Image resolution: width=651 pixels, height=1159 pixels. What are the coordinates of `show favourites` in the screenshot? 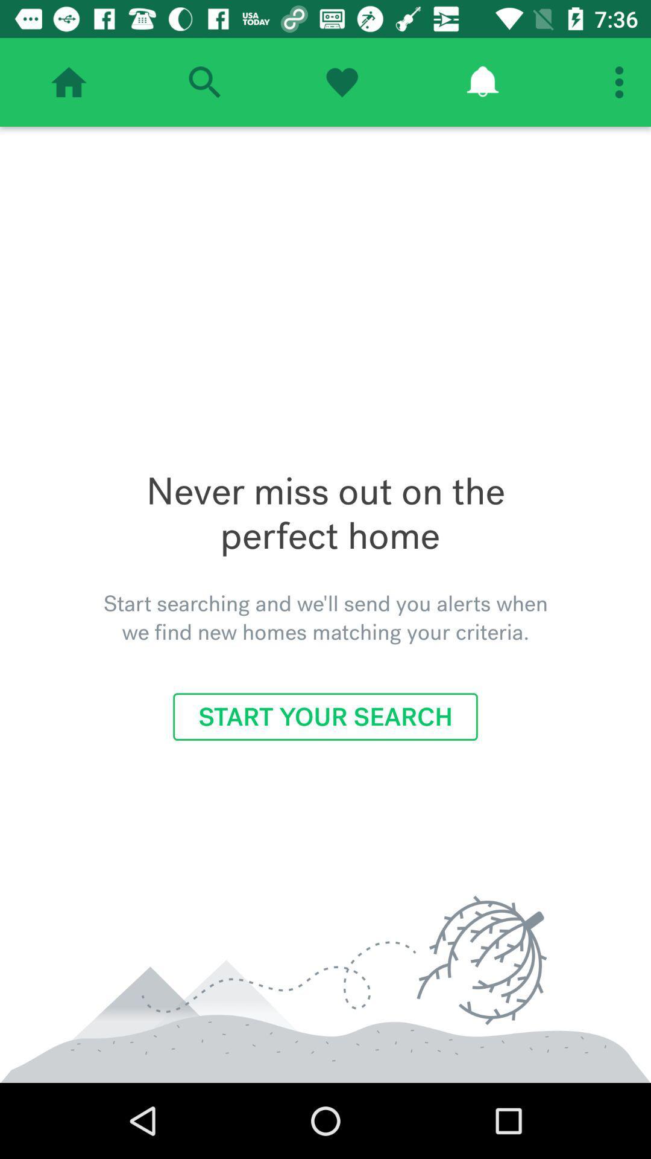 It's located at (342, 81).